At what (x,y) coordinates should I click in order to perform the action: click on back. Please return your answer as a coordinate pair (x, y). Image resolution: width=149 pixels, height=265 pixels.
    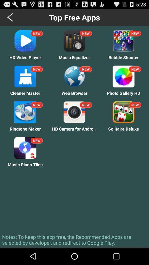
    Looking at the image, I should click on (10, 17).